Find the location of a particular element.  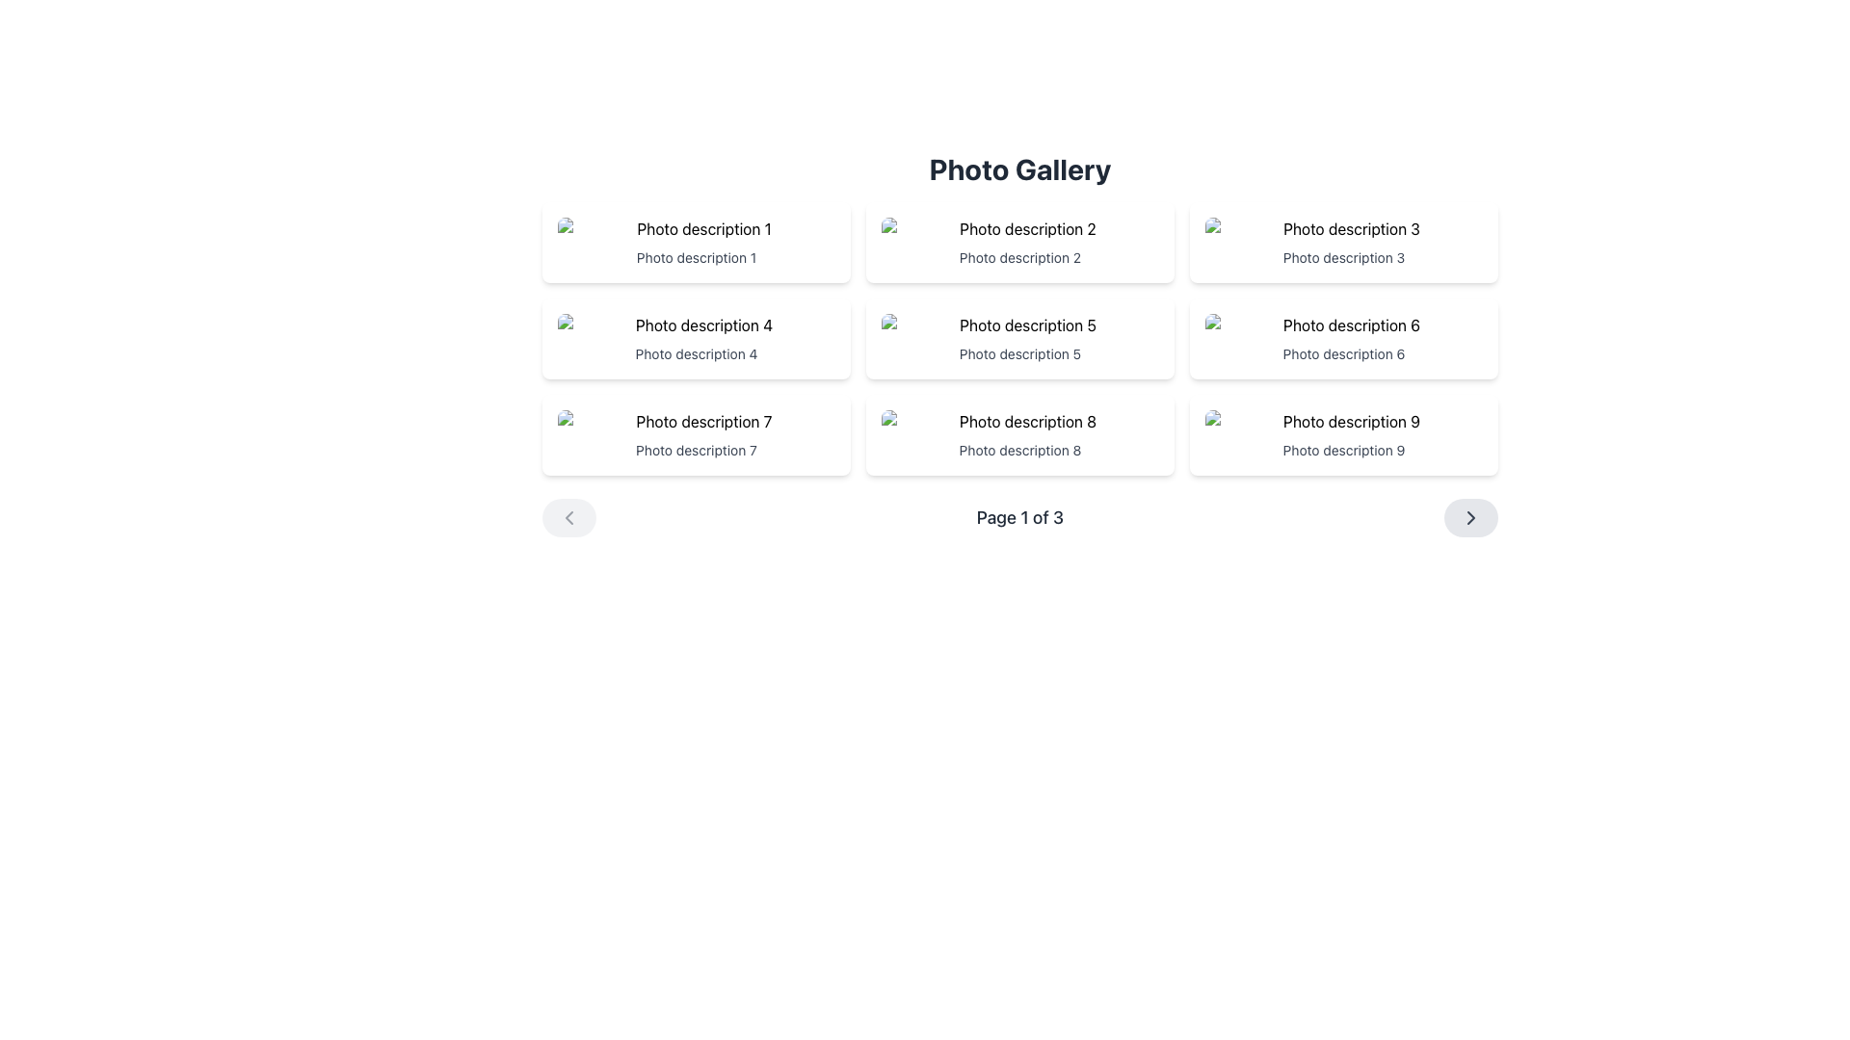

the image thumbnail located in the card labeled 'Photo description 6' in the second row and third column of the grid is located at coordinates (1343, 325).